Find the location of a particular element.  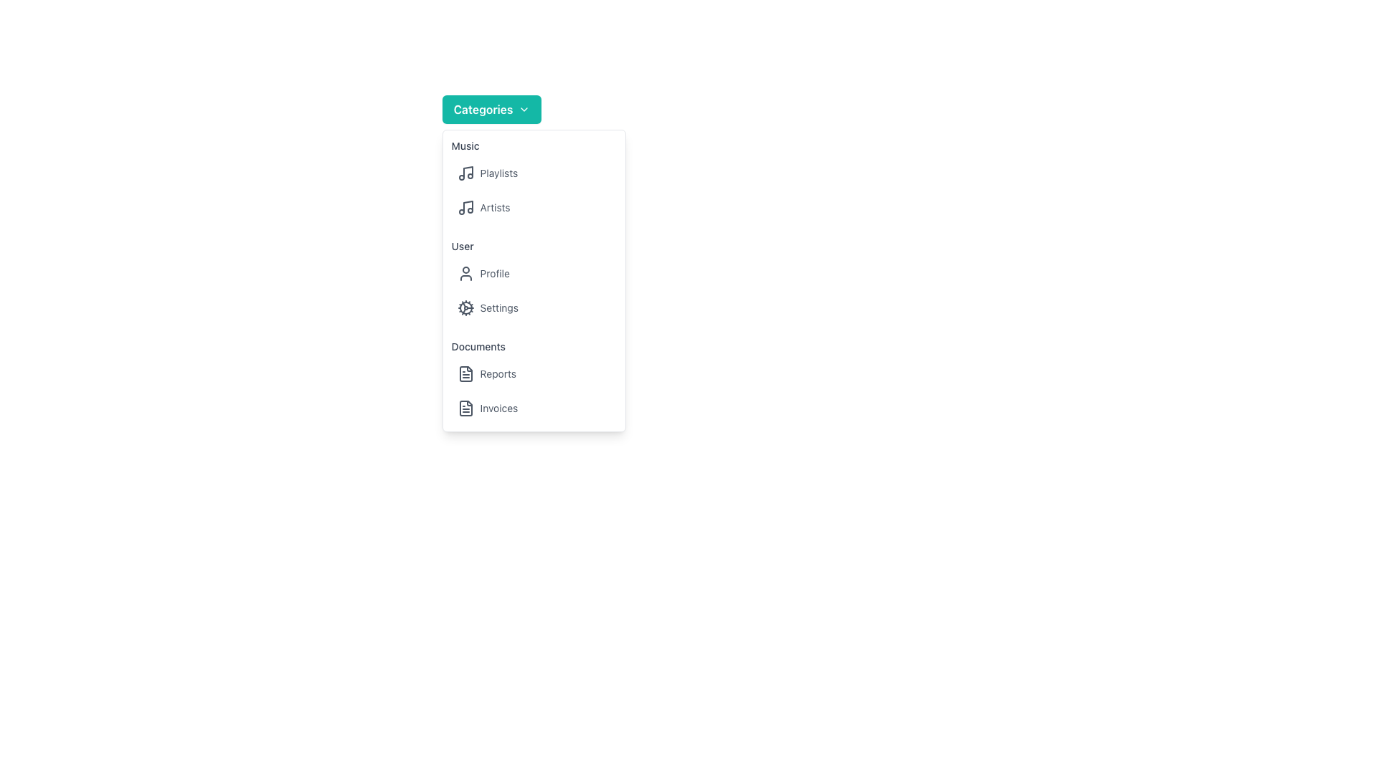

the document icon, which resembles a text file with lines inside it, located to the left of the 'Invoices' text in the 'Documents' menu group at the bottom of the menu panel is located at coordinates (465, 408).